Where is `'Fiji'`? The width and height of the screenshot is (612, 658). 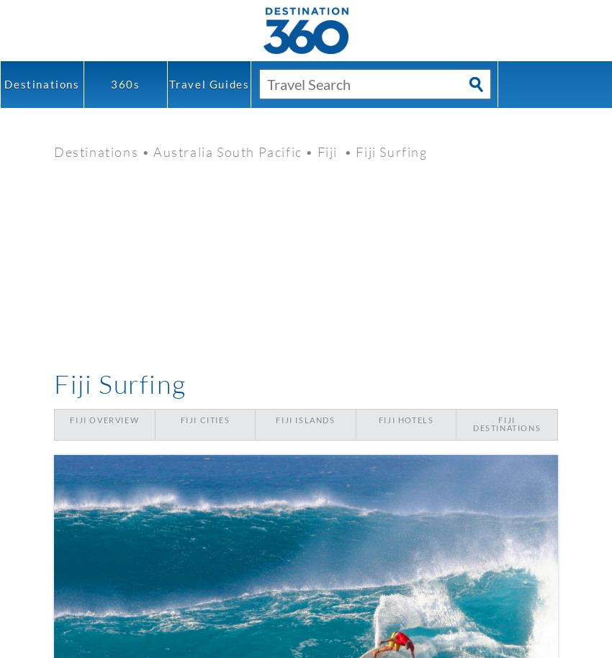 'Fiji' is located at coordinates (328, 152).